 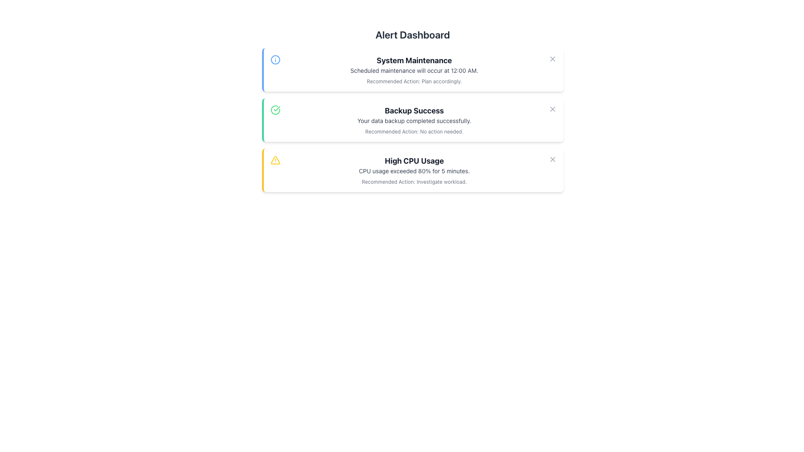 What do you see at coordinates (414, 170) in the screenshot?
I see `alert information from the Notification card about high CPU usage, which is the third card in a vertical stack below 'System Maintenance' and 'Backup Success'` at bounding box center [414, 170].